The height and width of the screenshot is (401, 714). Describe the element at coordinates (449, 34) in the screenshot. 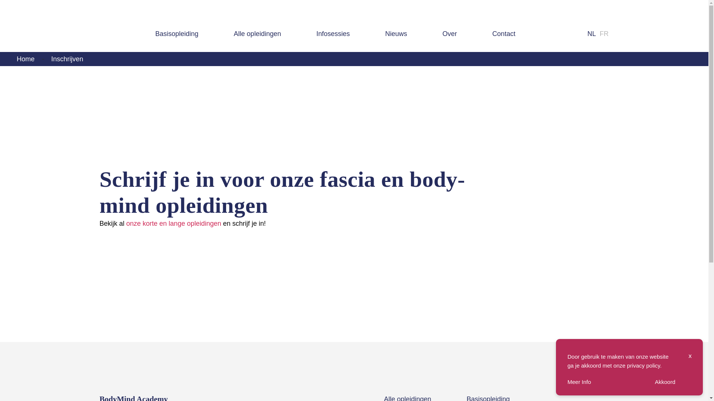

I see `'Over'` at that location.